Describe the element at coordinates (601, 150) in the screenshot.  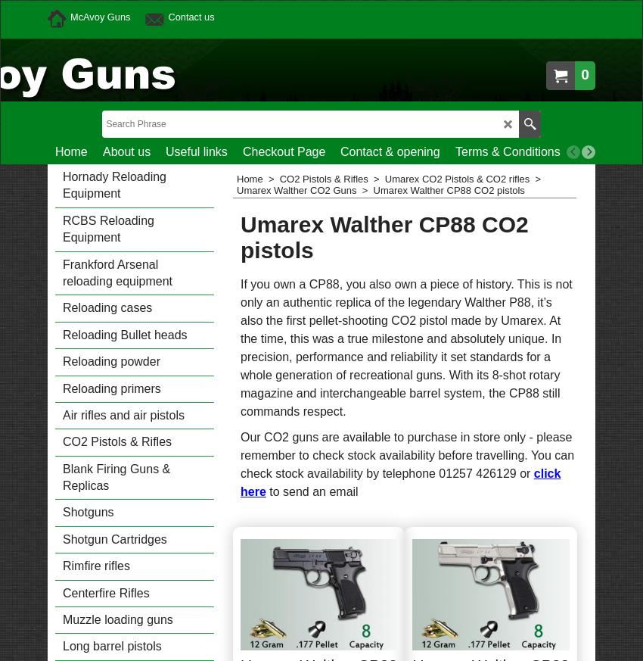
I see `'Favourites'` at that location.